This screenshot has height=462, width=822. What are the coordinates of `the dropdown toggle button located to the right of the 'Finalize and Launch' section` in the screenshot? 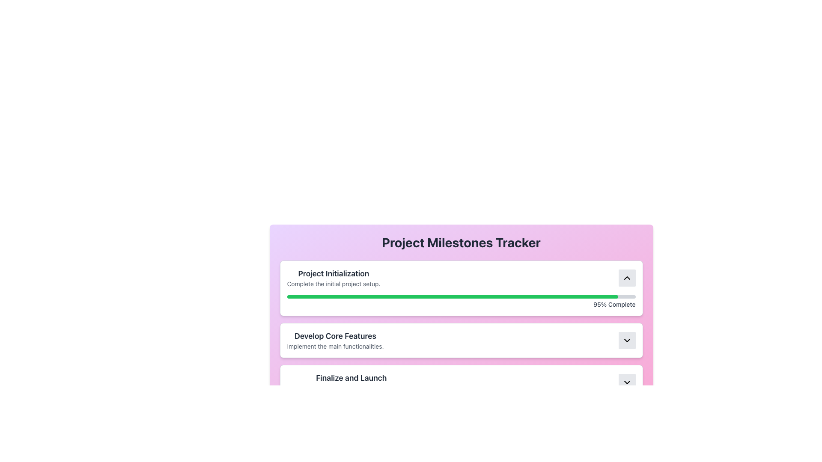 It's located at (627, 382).